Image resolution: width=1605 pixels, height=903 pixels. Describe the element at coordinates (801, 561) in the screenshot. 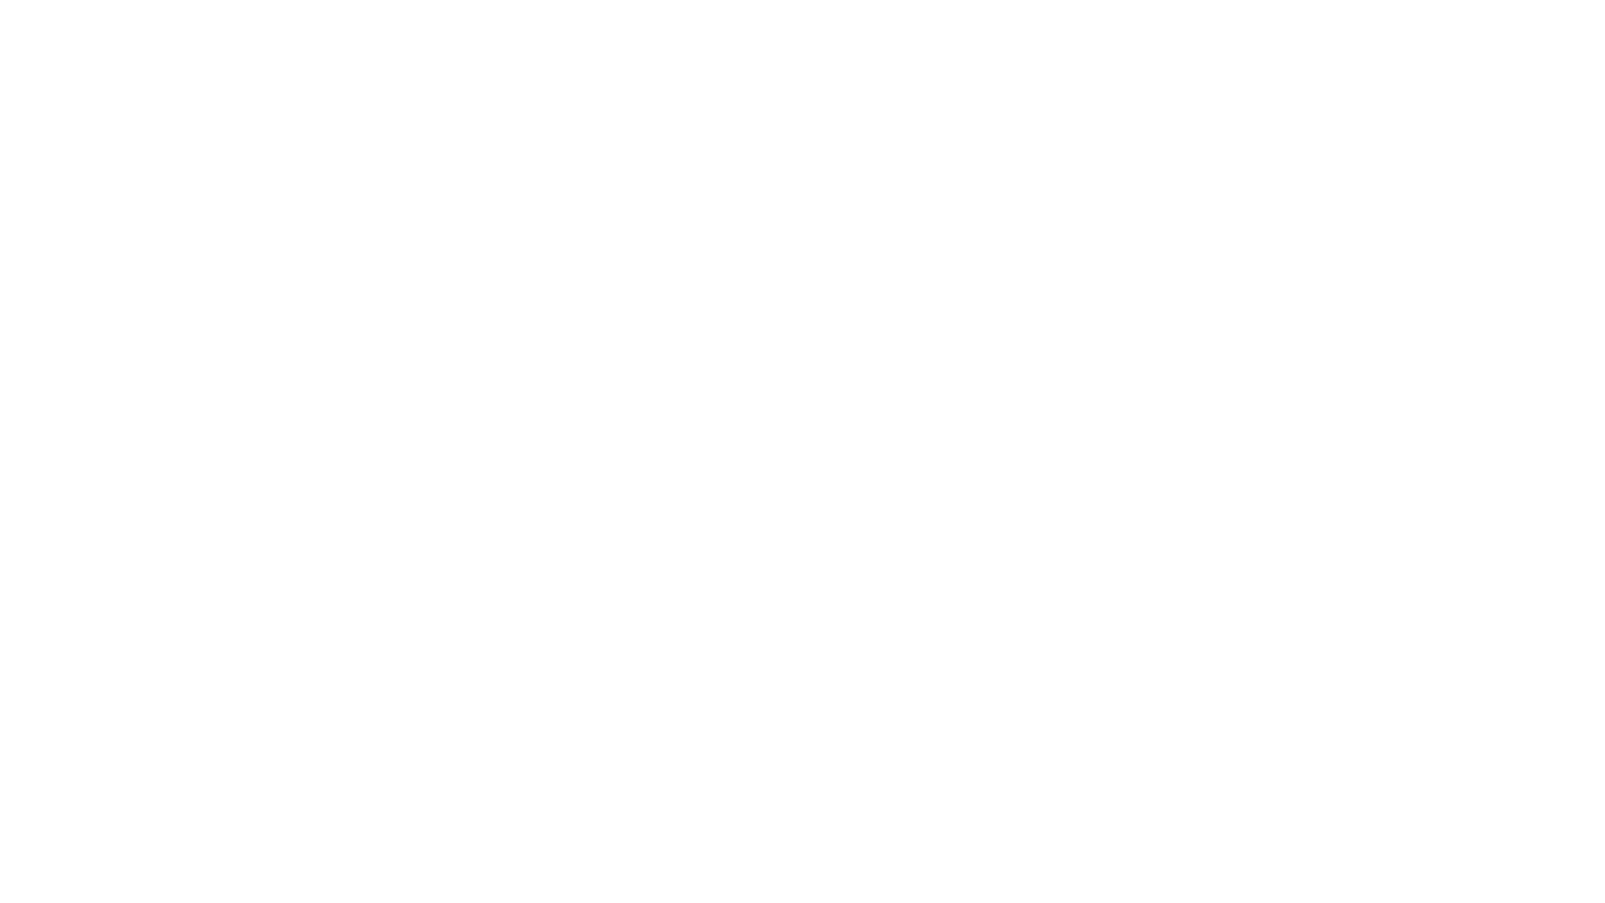

I see `REFUSE` at that location.